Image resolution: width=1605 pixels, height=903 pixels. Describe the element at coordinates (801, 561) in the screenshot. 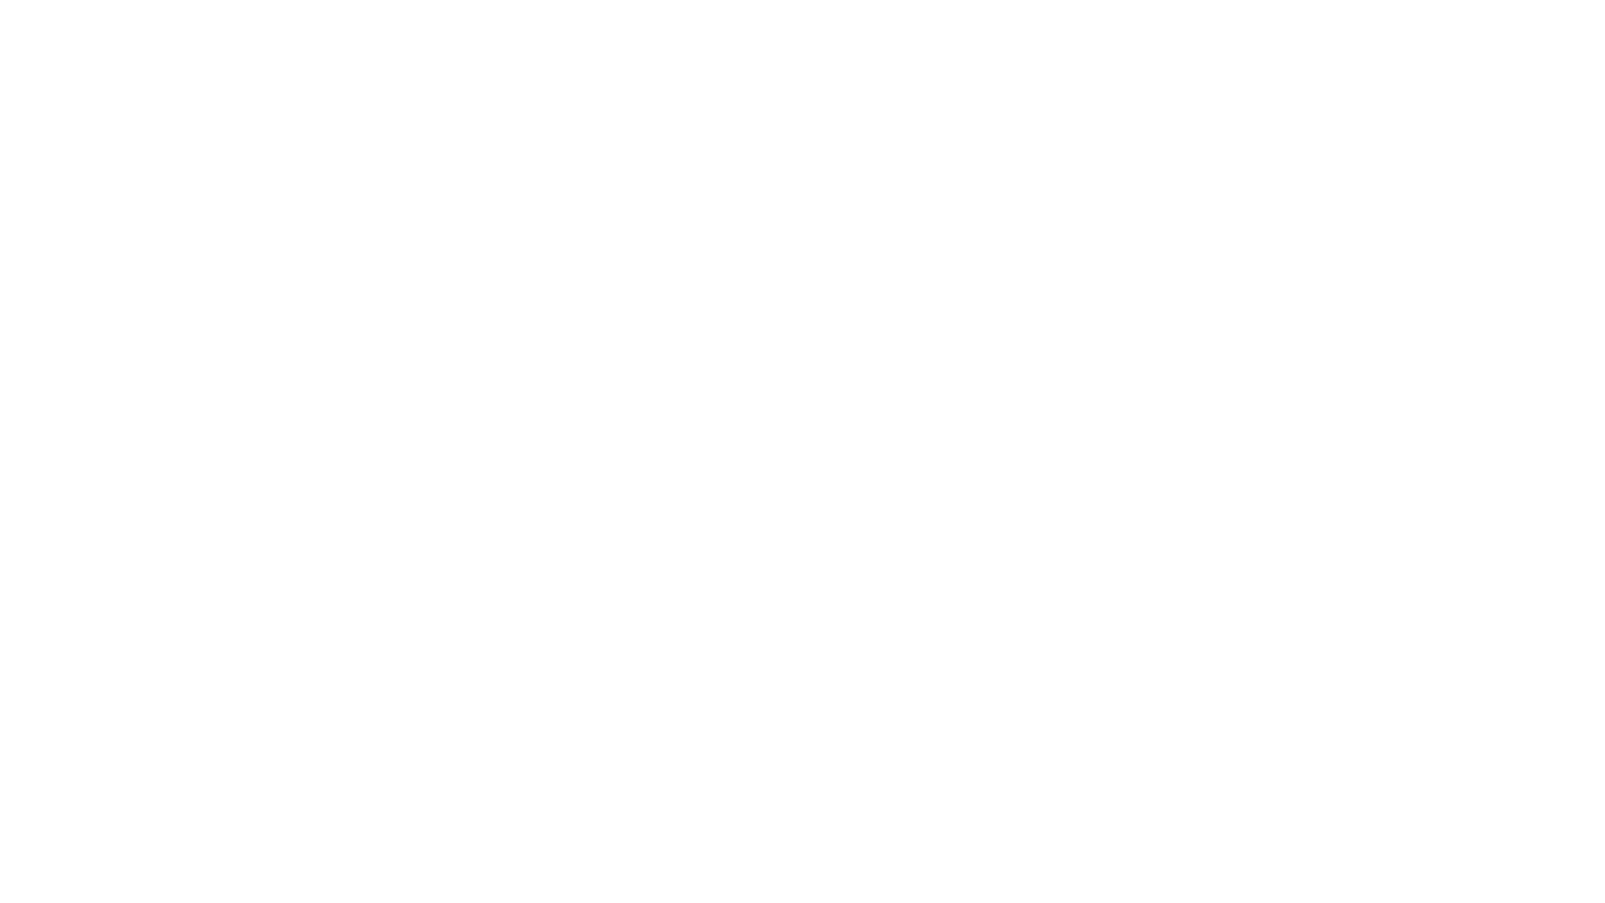

I see `REFUSE` at that location.